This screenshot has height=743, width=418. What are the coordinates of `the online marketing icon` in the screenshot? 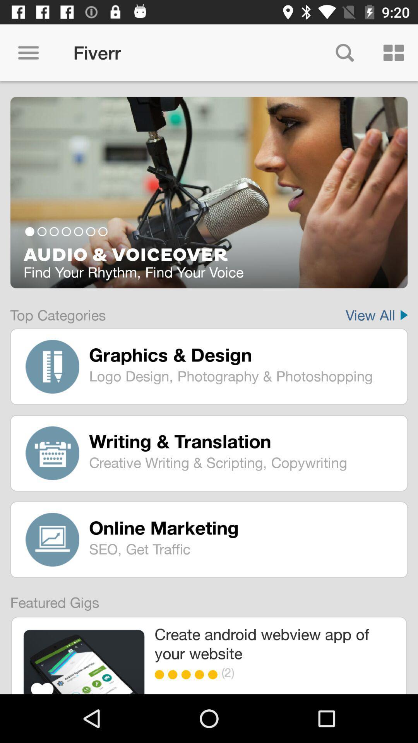 It's located at (242, 527).